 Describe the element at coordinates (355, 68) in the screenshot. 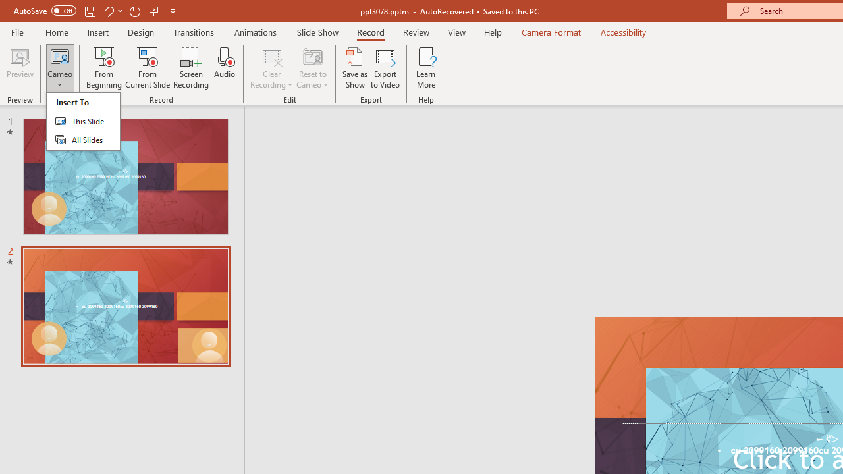

I see `'Save as Show'` at that location.